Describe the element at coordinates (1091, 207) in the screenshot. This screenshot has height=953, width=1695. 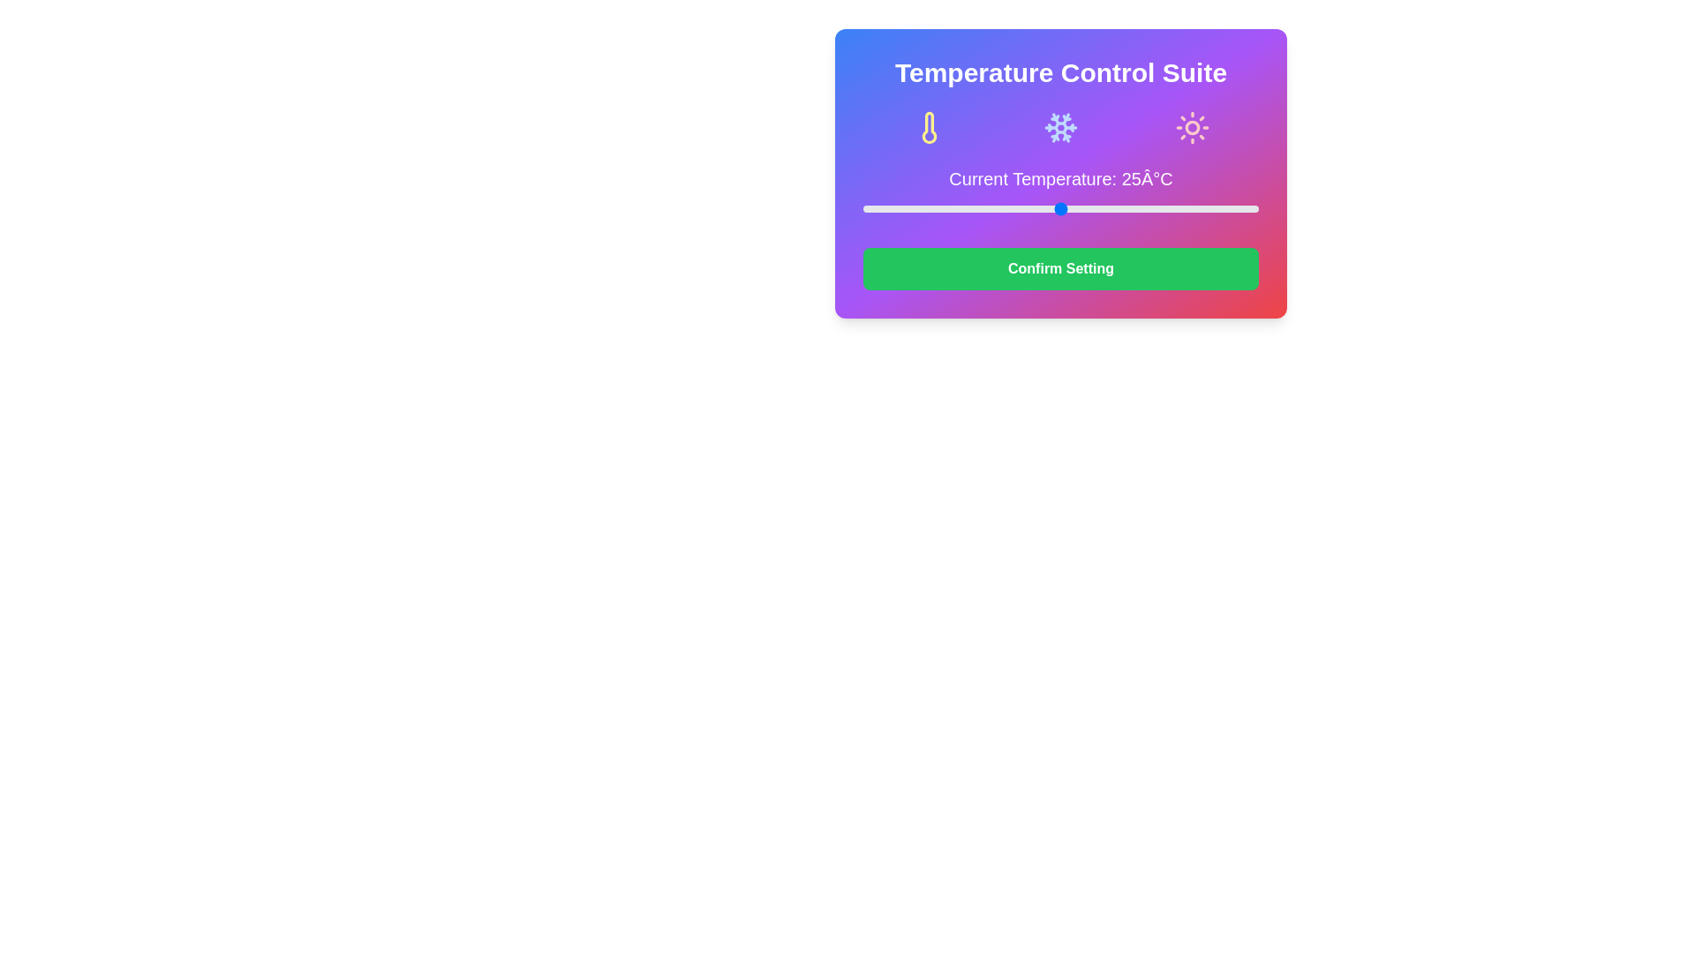
I see `the slider to set the temperature to 29°C` at that location.